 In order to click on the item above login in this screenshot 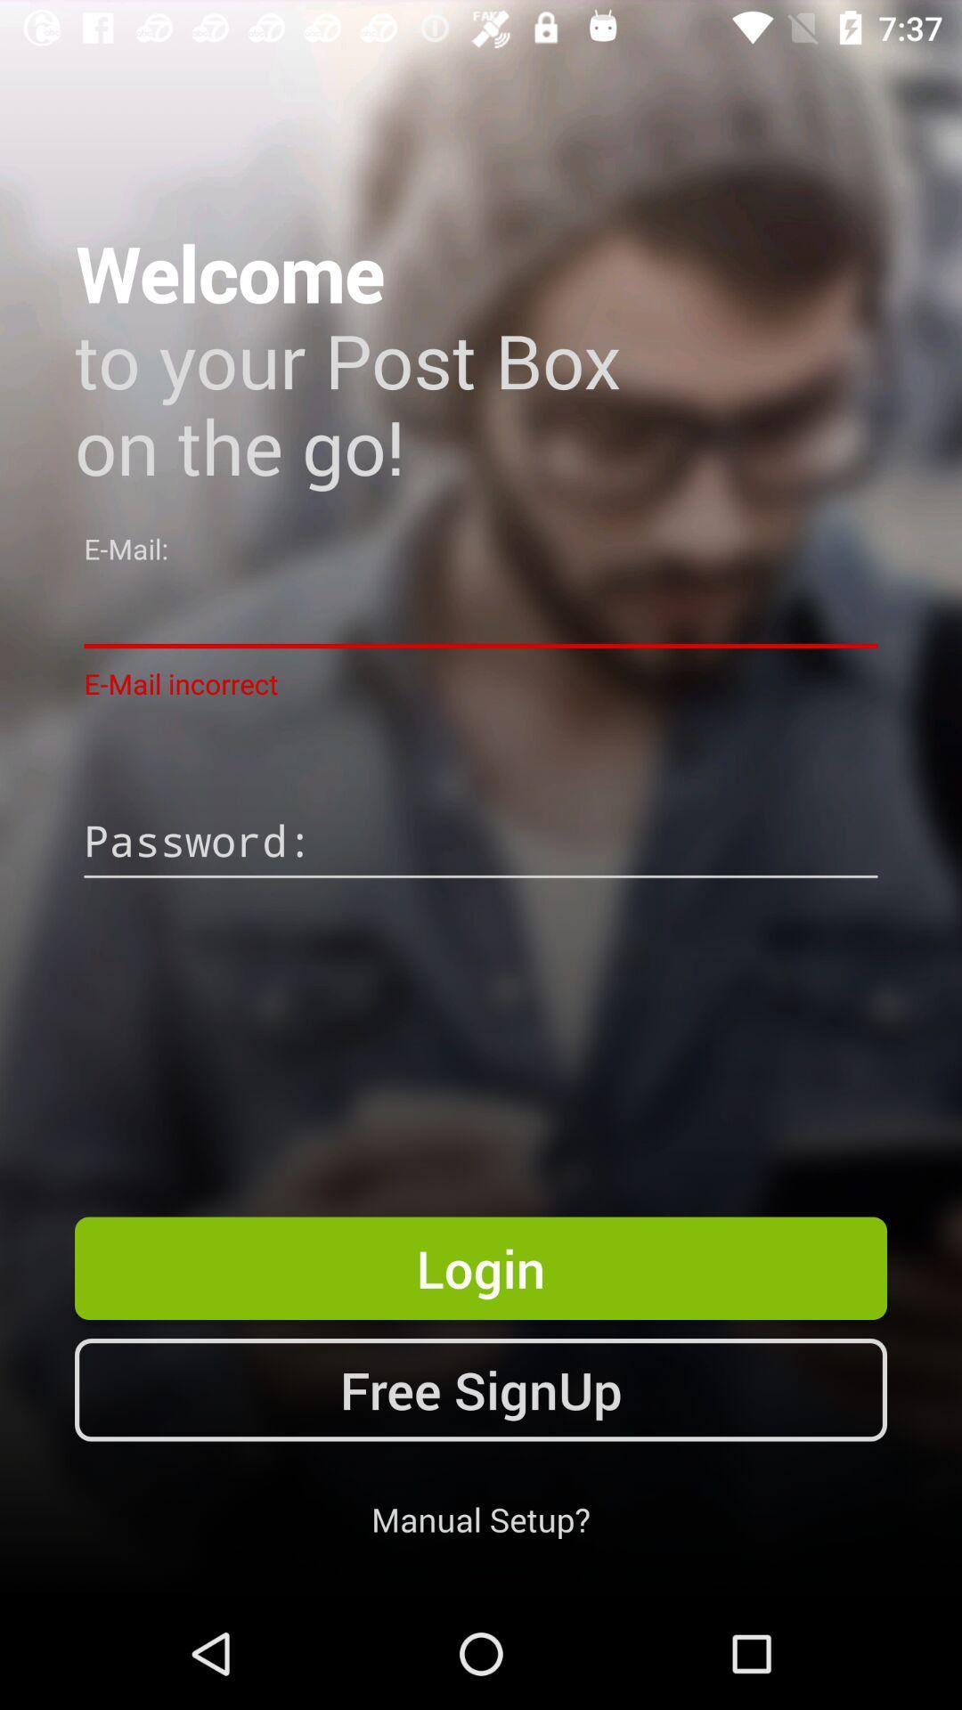, I will do `click(481, 843)`.